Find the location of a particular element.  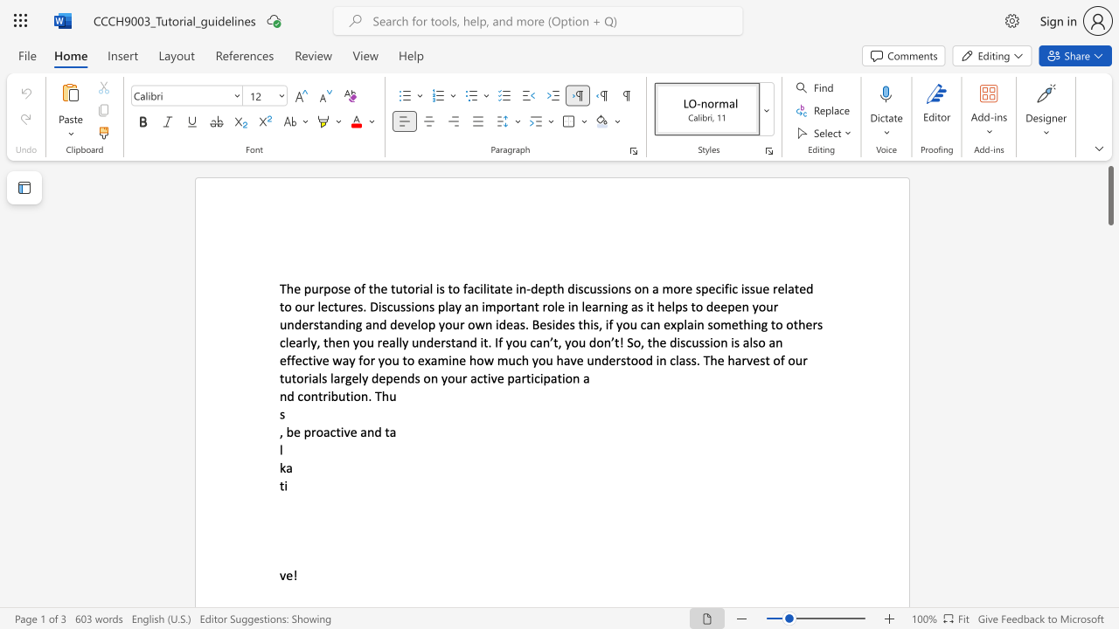

the scrollbar on the right to shift the page lower is located at coordinates (1109, 568).